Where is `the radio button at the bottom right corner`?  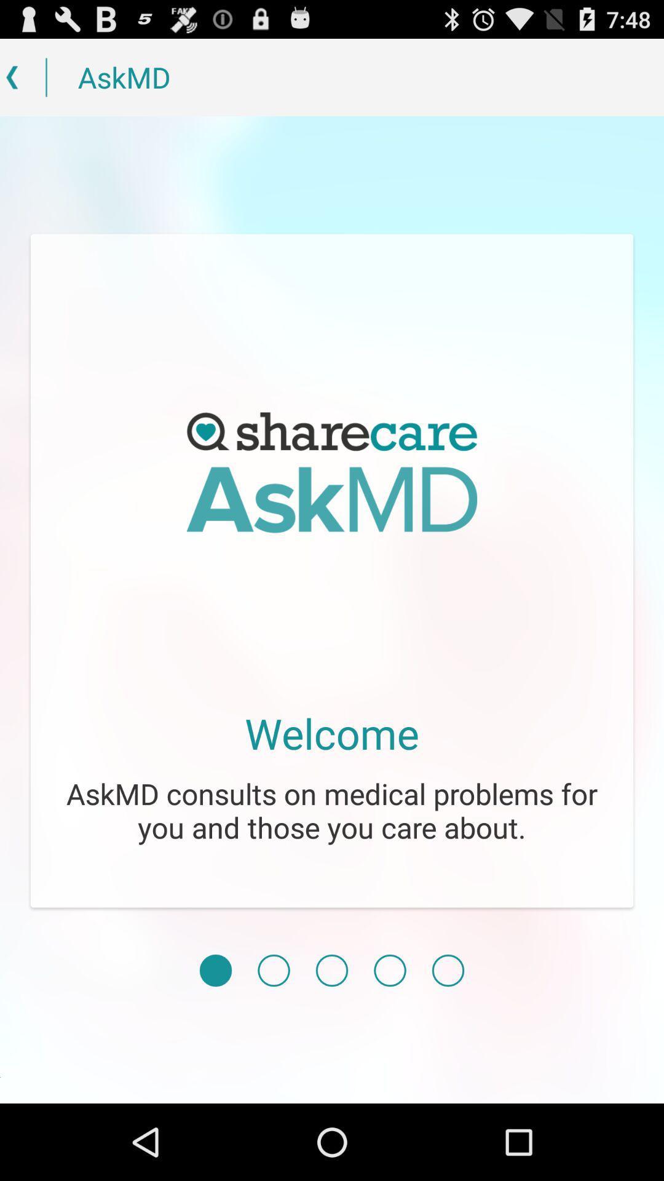
the radio button at the bottom right corner is located at coordinates (448, 970).